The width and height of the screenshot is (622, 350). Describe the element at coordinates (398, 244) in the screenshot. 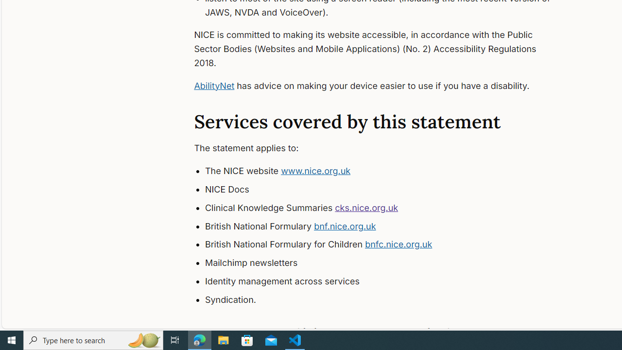

I see `'bnfc.nice.org.uk'` at that location.